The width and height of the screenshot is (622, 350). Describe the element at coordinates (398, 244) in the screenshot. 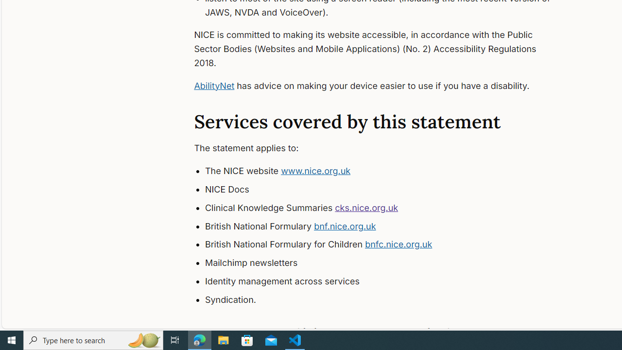

I see `'bnfc.nice.org.uk'` at that location.